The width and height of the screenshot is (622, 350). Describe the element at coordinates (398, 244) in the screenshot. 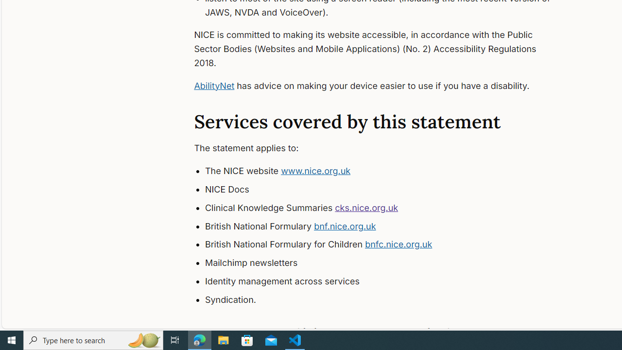

I see `'bnfc.nice.org.uk'` at that location.